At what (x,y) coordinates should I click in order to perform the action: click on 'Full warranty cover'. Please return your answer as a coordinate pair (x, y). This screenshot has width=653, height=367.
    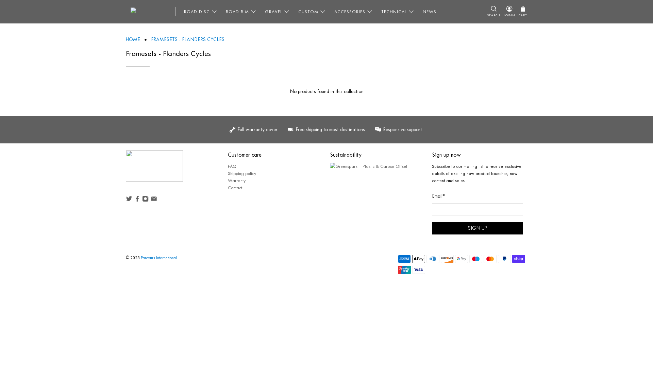
    Looking at the image, I should click on (256, 129).